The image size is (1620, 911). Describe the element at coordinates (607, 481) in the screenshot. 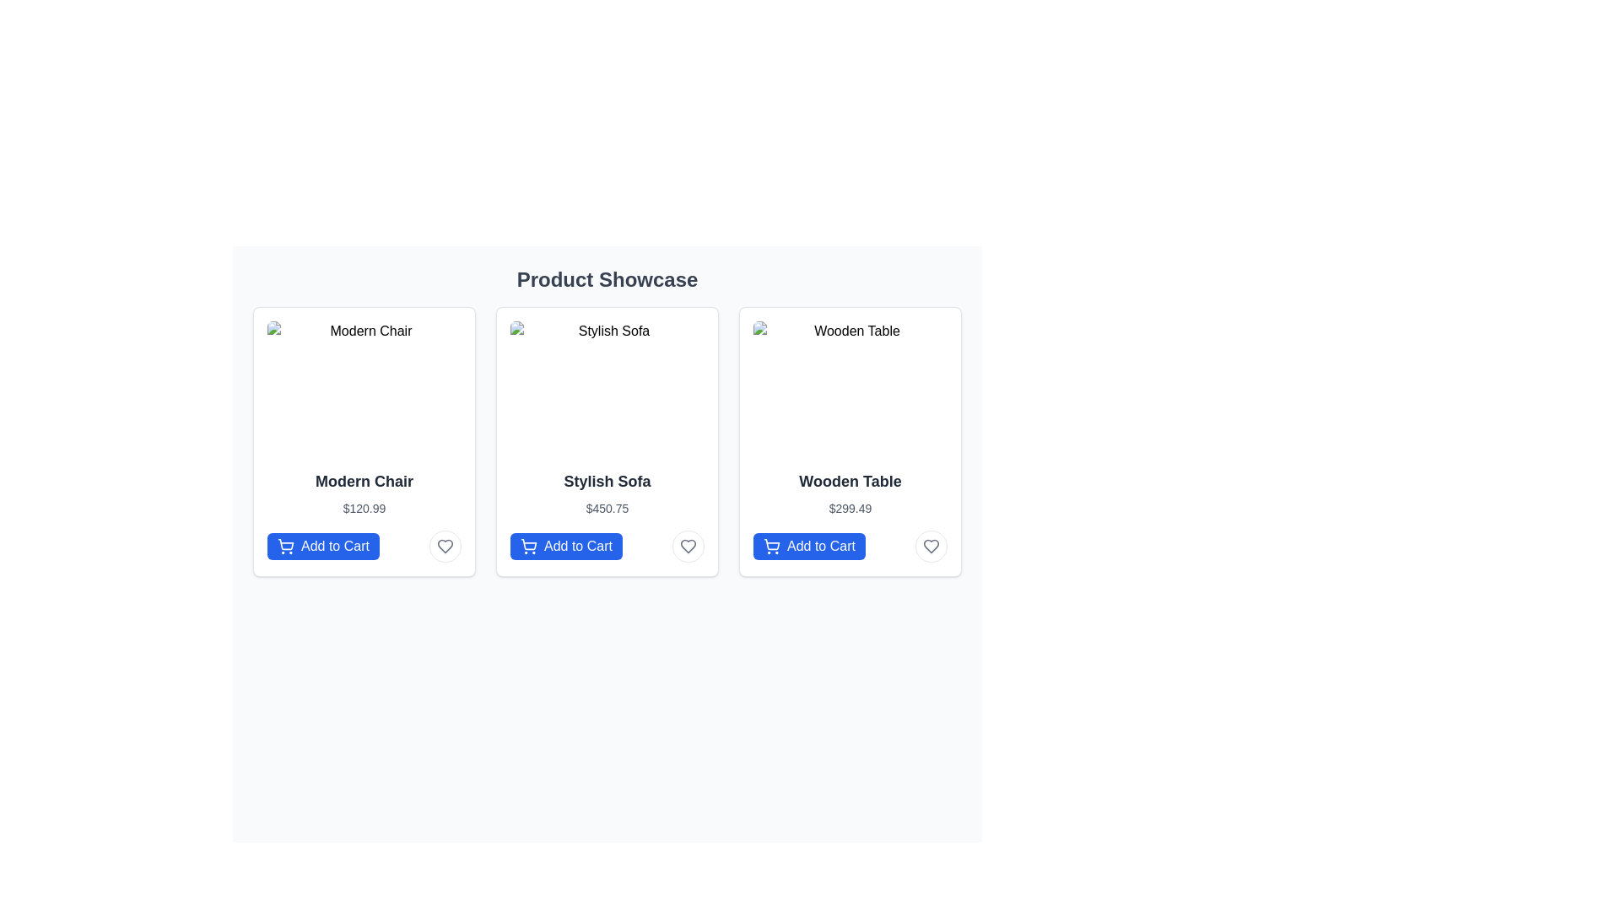

I see `product title 'Stylish Sofa' which is styled with a bold font in a dark color and is positioned centrally in the second card of a product showcase, above the price label and below the sofa image` at that location.